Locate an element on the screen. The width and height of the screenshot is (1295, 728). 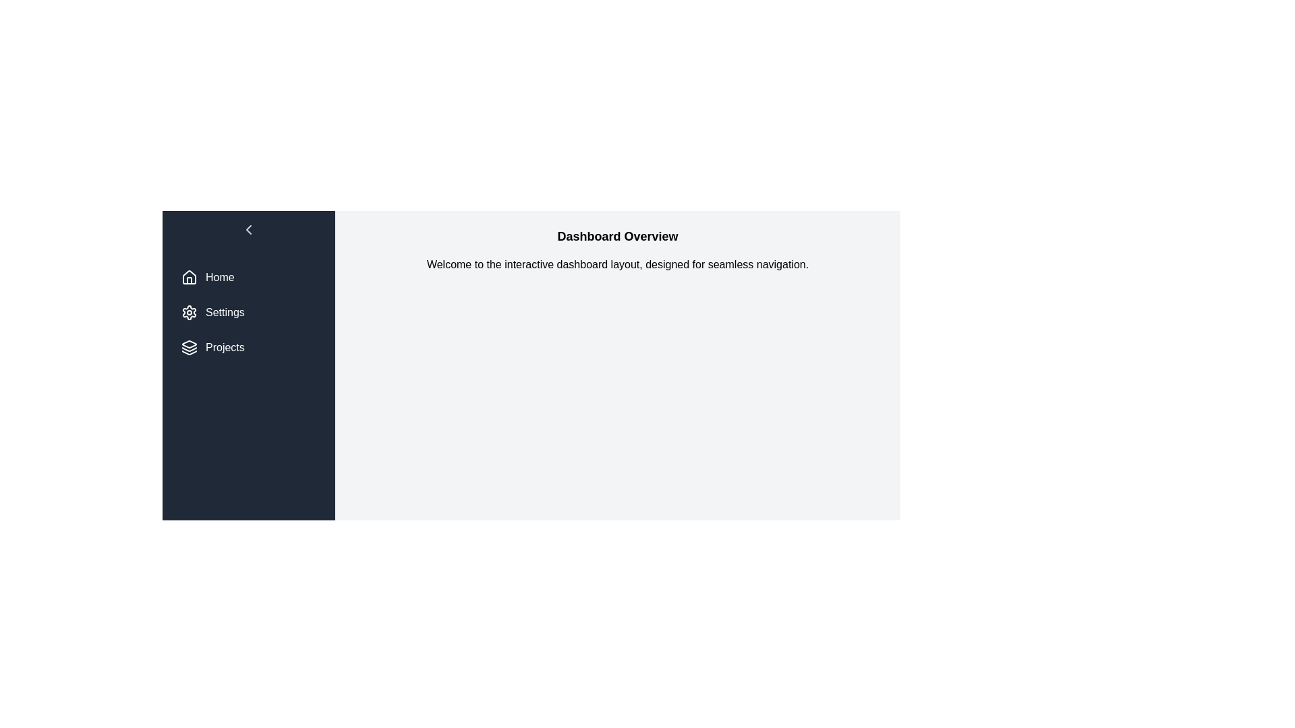
the first clickable navigation item in the vertical sidebar is located at coordinates (249, 277).